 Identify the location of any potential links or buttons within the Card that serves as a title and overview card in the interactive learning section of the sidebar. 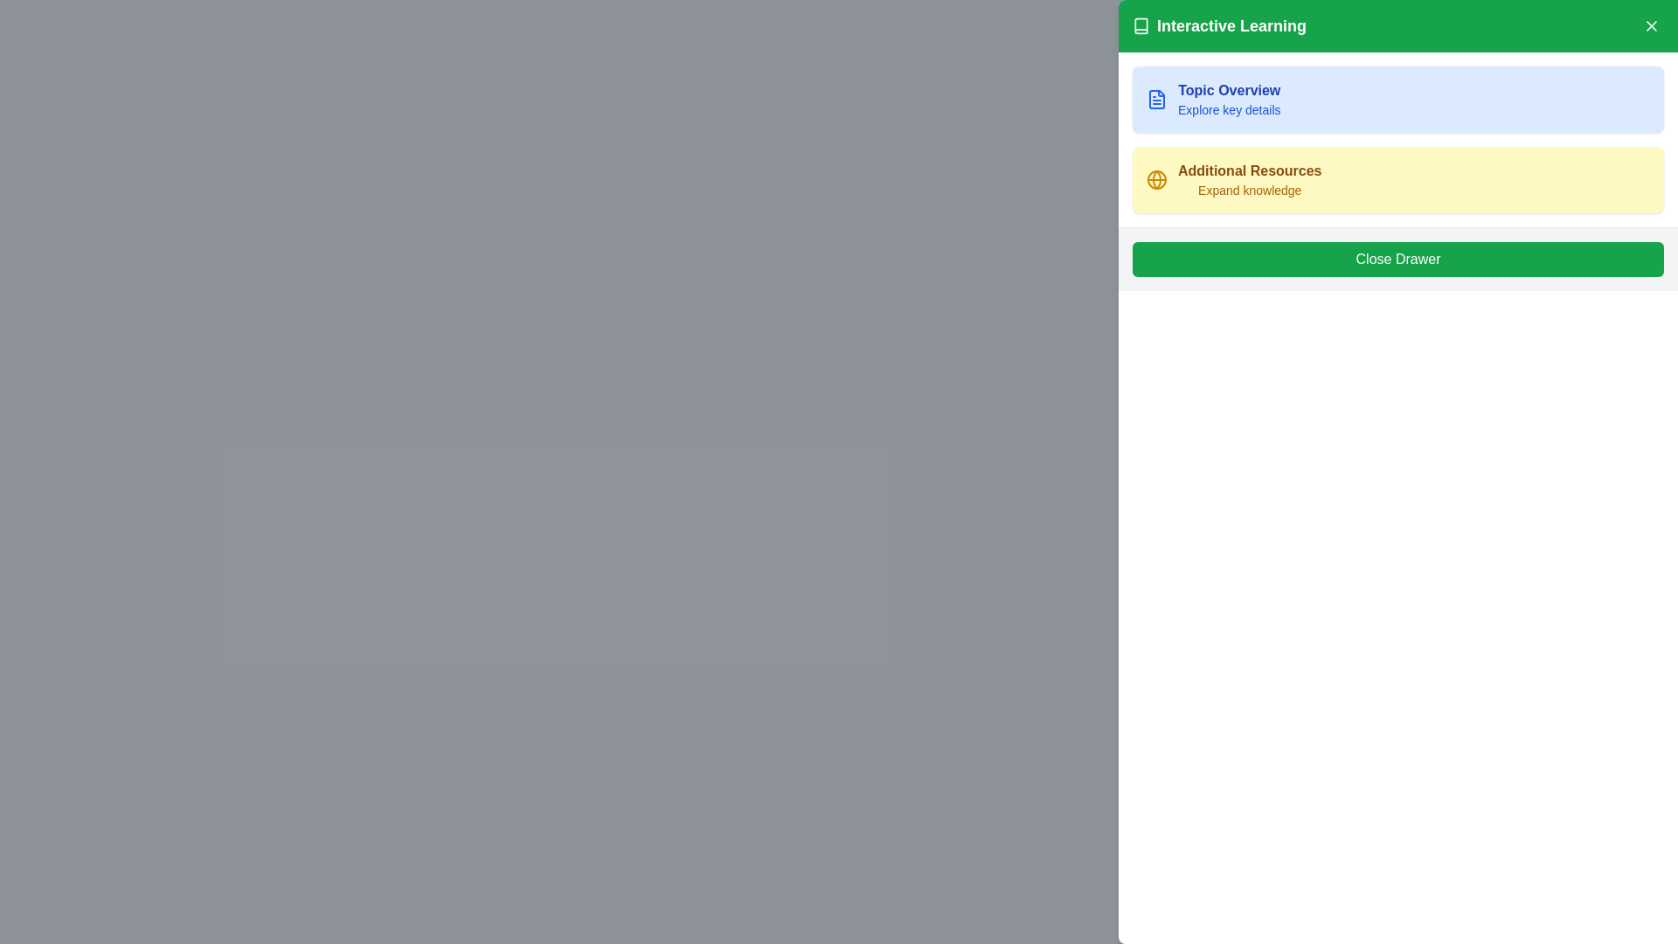
(1228, 100).